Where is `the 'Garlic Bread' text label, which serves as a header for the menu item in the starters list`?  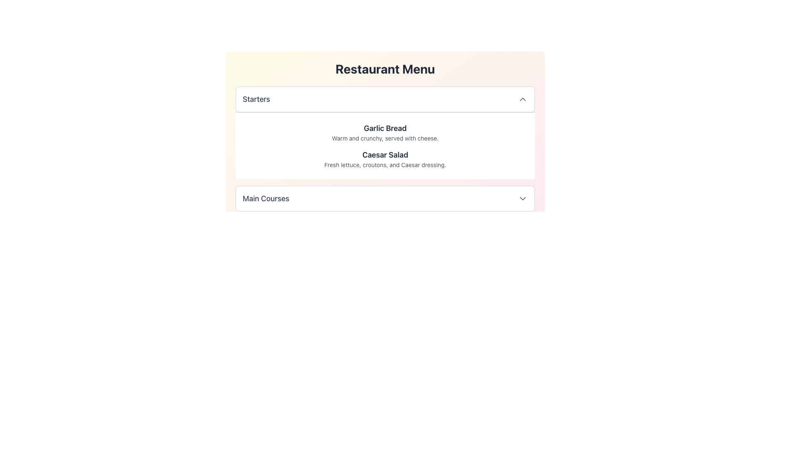 the 'Garlic Bread' text label, which serves as a header for the menu item in the starters list is located at coordinates (384, 128).